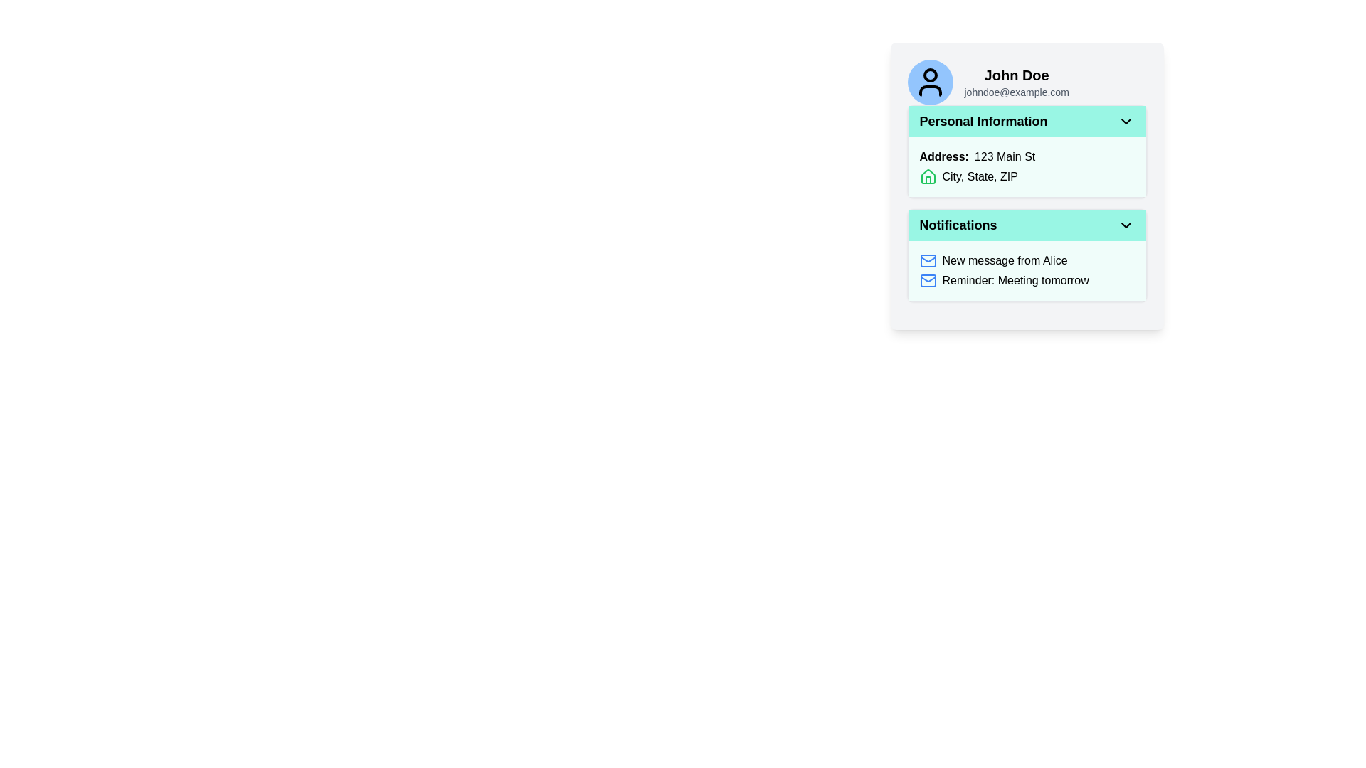 Image resolution: width=1366 pixels, height=768 pixels. Describe the element at coordinates (928, 280) in the screenshot. I see `the email or message icon in the 'Notifications' section that represents the reminder about the meeting, which is aligned horizontally with the text 'Reminder: Meeting tomorrow.'` at that location.